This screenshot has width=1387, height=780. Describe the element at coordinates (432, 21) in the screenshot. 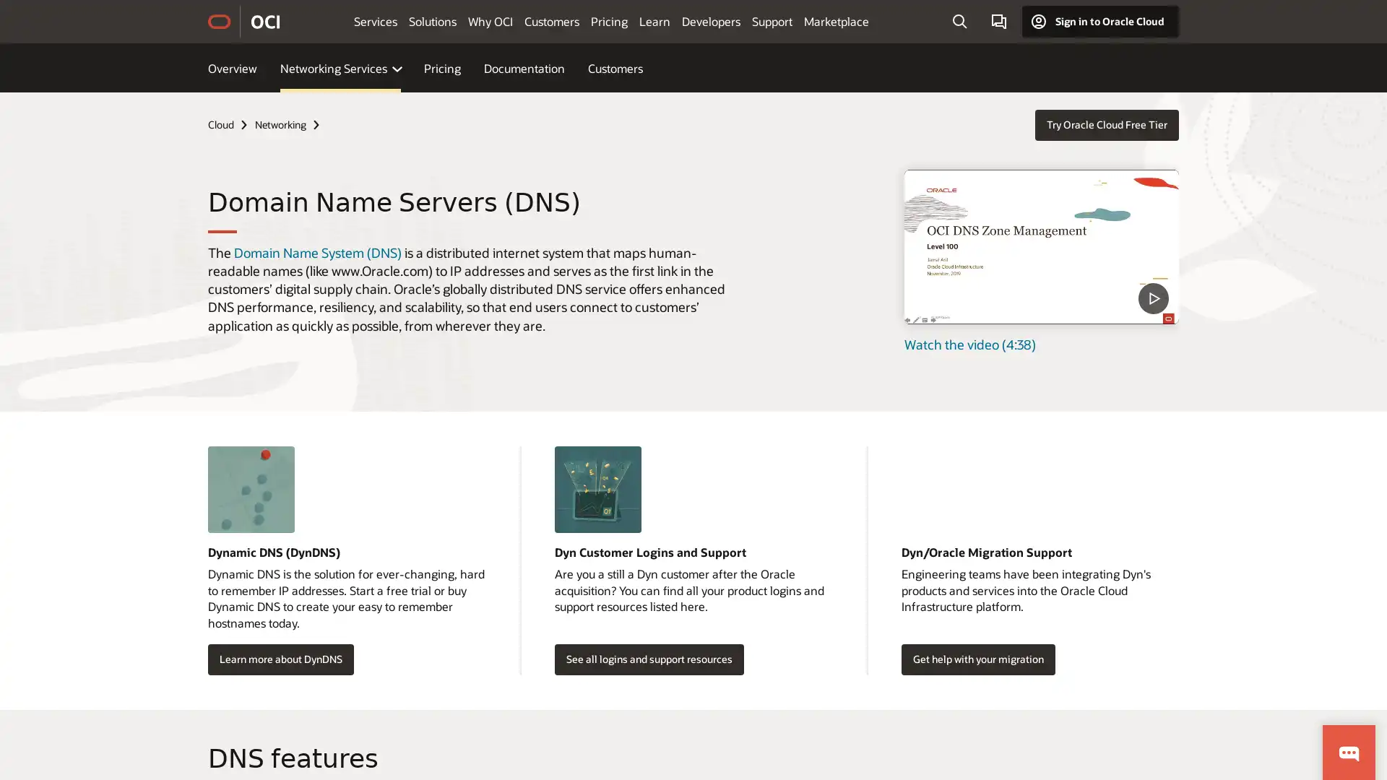

I see `Solutions` at that location.